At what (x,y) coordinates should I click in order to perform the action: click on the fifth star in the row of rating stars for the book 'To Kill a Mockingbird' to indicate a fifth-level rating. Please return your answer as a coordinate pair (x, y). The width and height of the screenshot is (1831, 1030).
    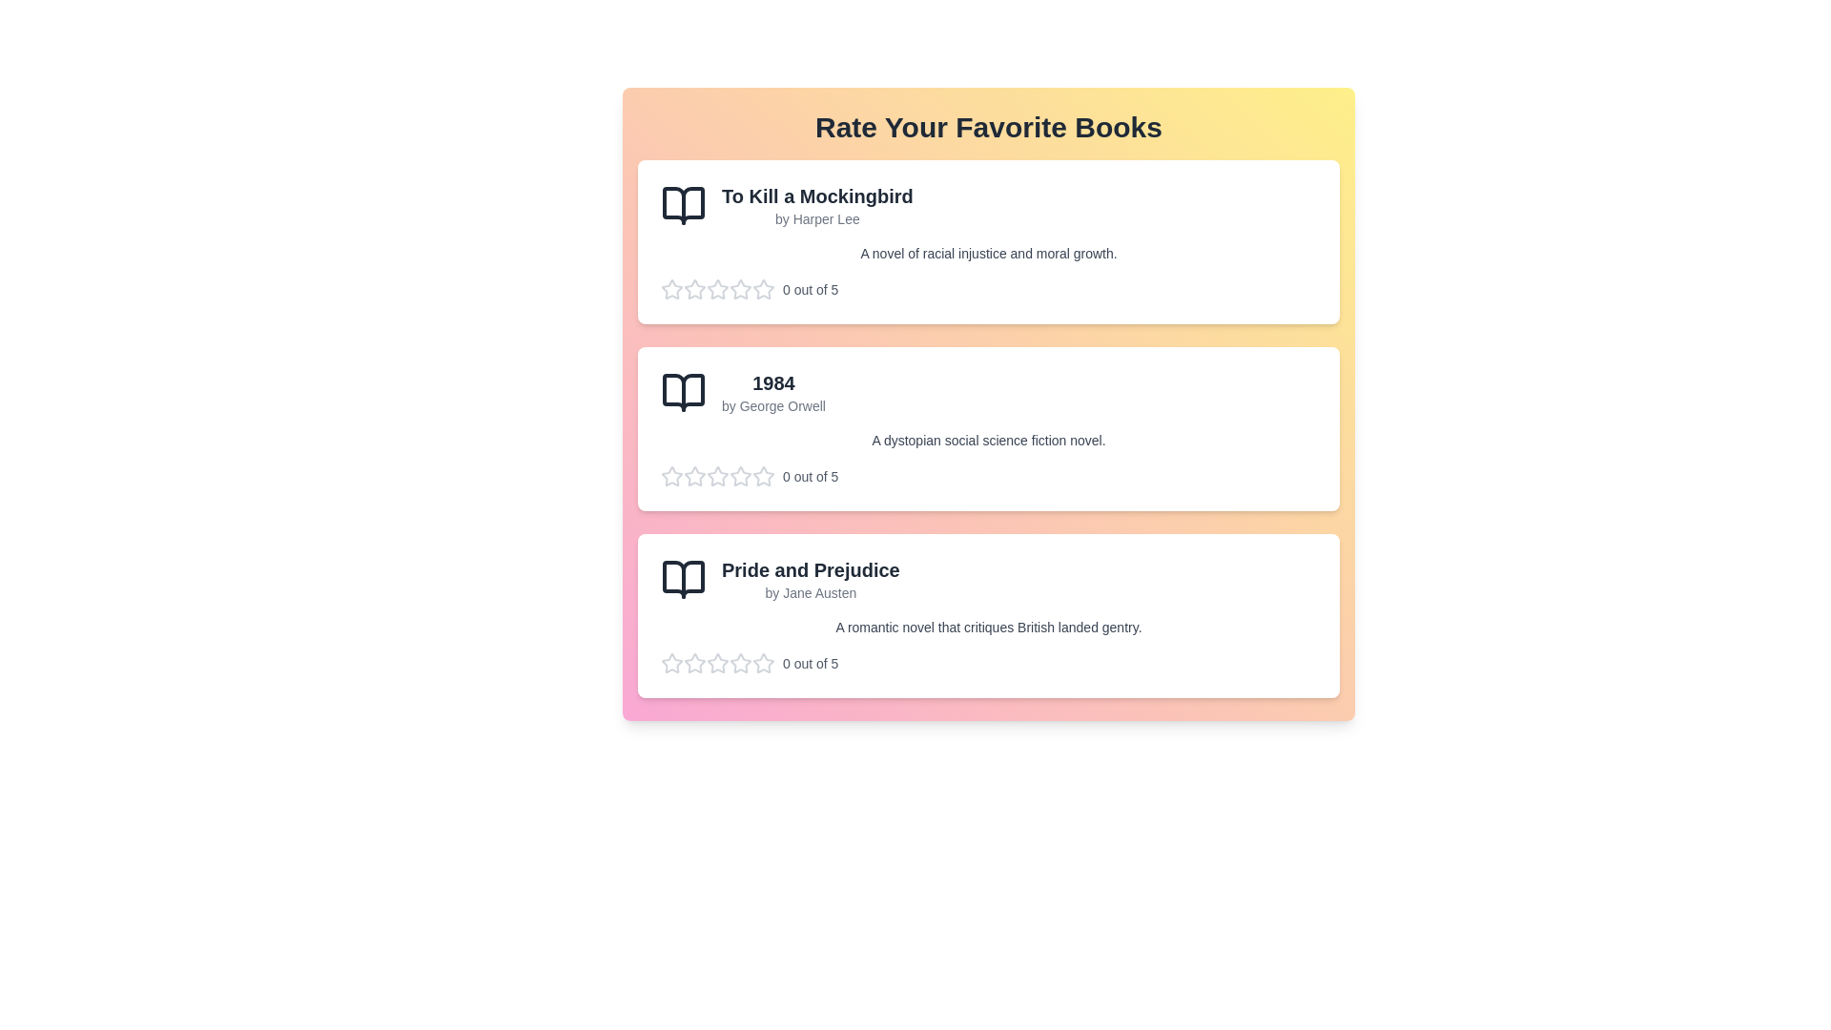
    Looking at the image, I should click on (764, 290).